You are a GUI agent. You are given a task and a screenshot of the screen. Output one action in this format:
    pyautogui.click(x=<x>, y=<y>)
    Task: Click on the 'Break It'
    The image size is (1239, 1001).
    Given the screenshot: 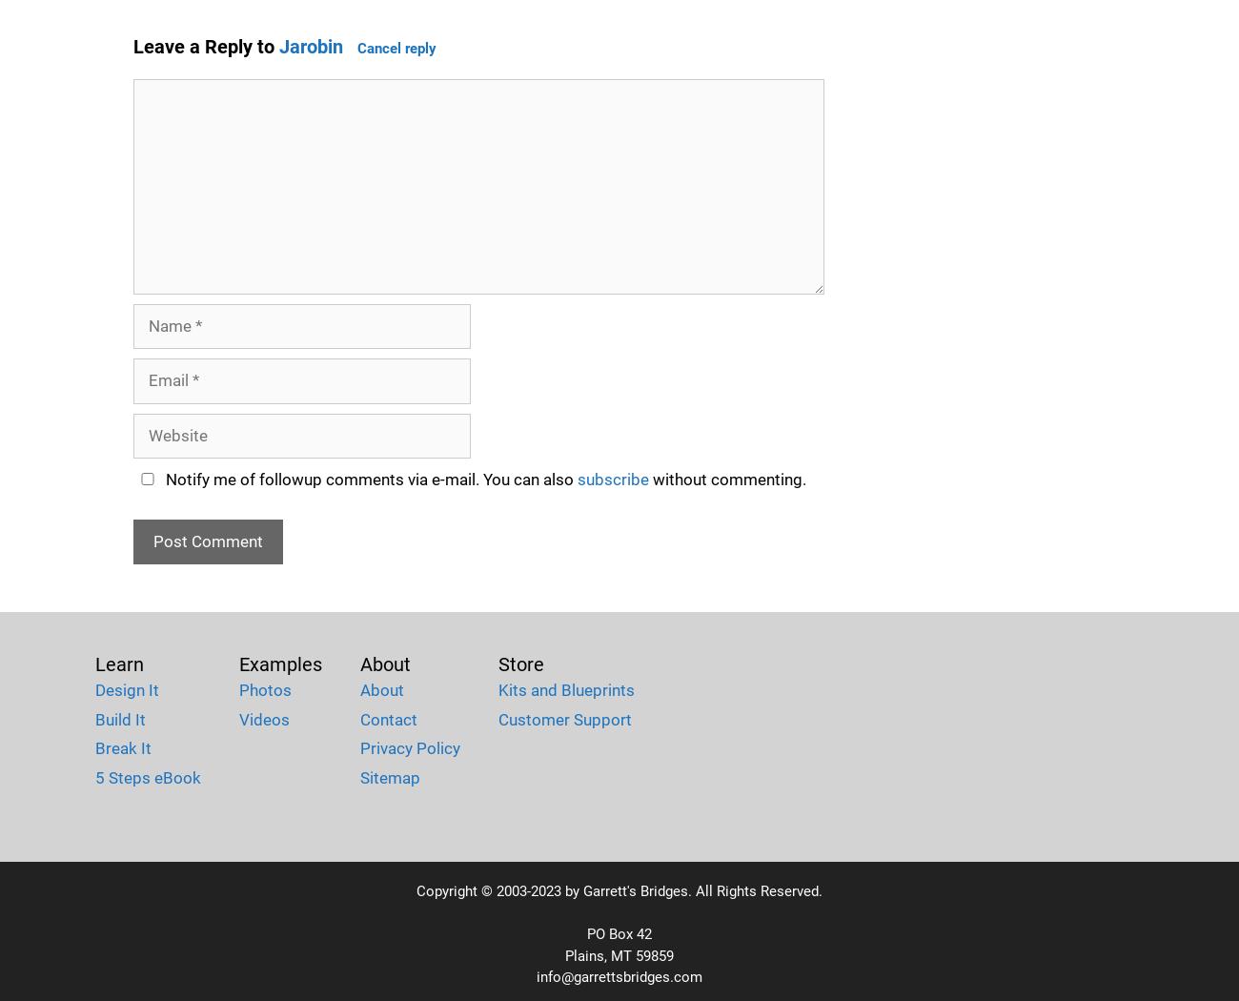 What is the action you would take?
    pyautogui.click(x=122, y=747)
    